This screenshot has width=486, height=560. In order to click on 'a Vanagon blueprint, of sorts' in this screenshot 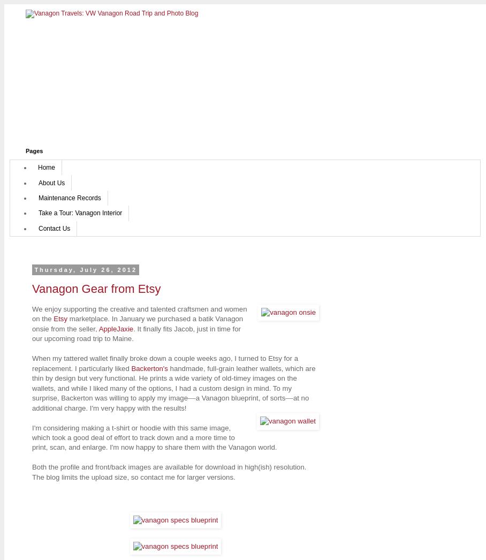, I will do `click(195, 397)`.